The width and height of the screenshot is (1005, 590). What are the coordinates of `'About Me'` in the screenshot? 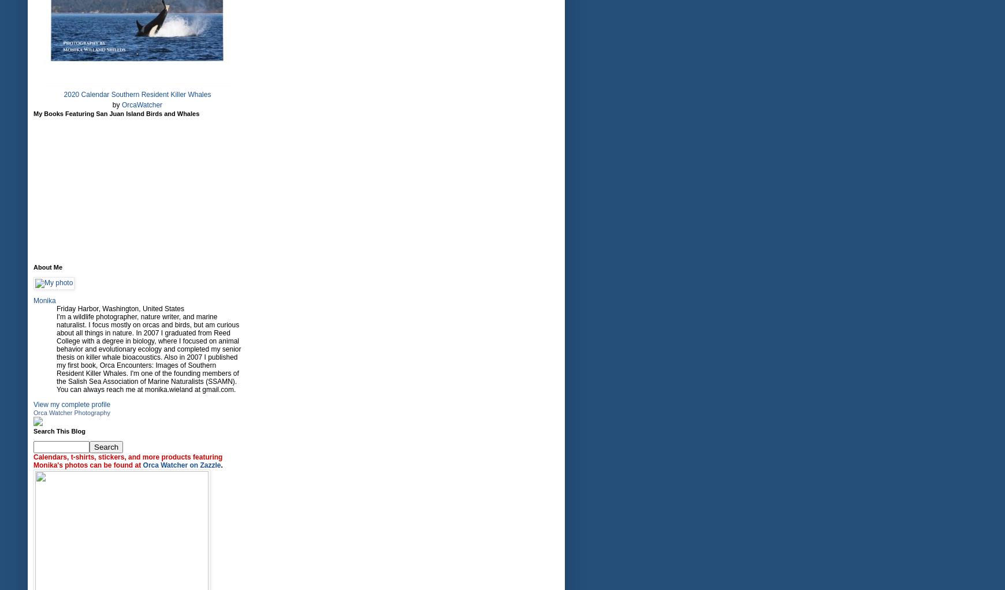 It's located at (47, 266).